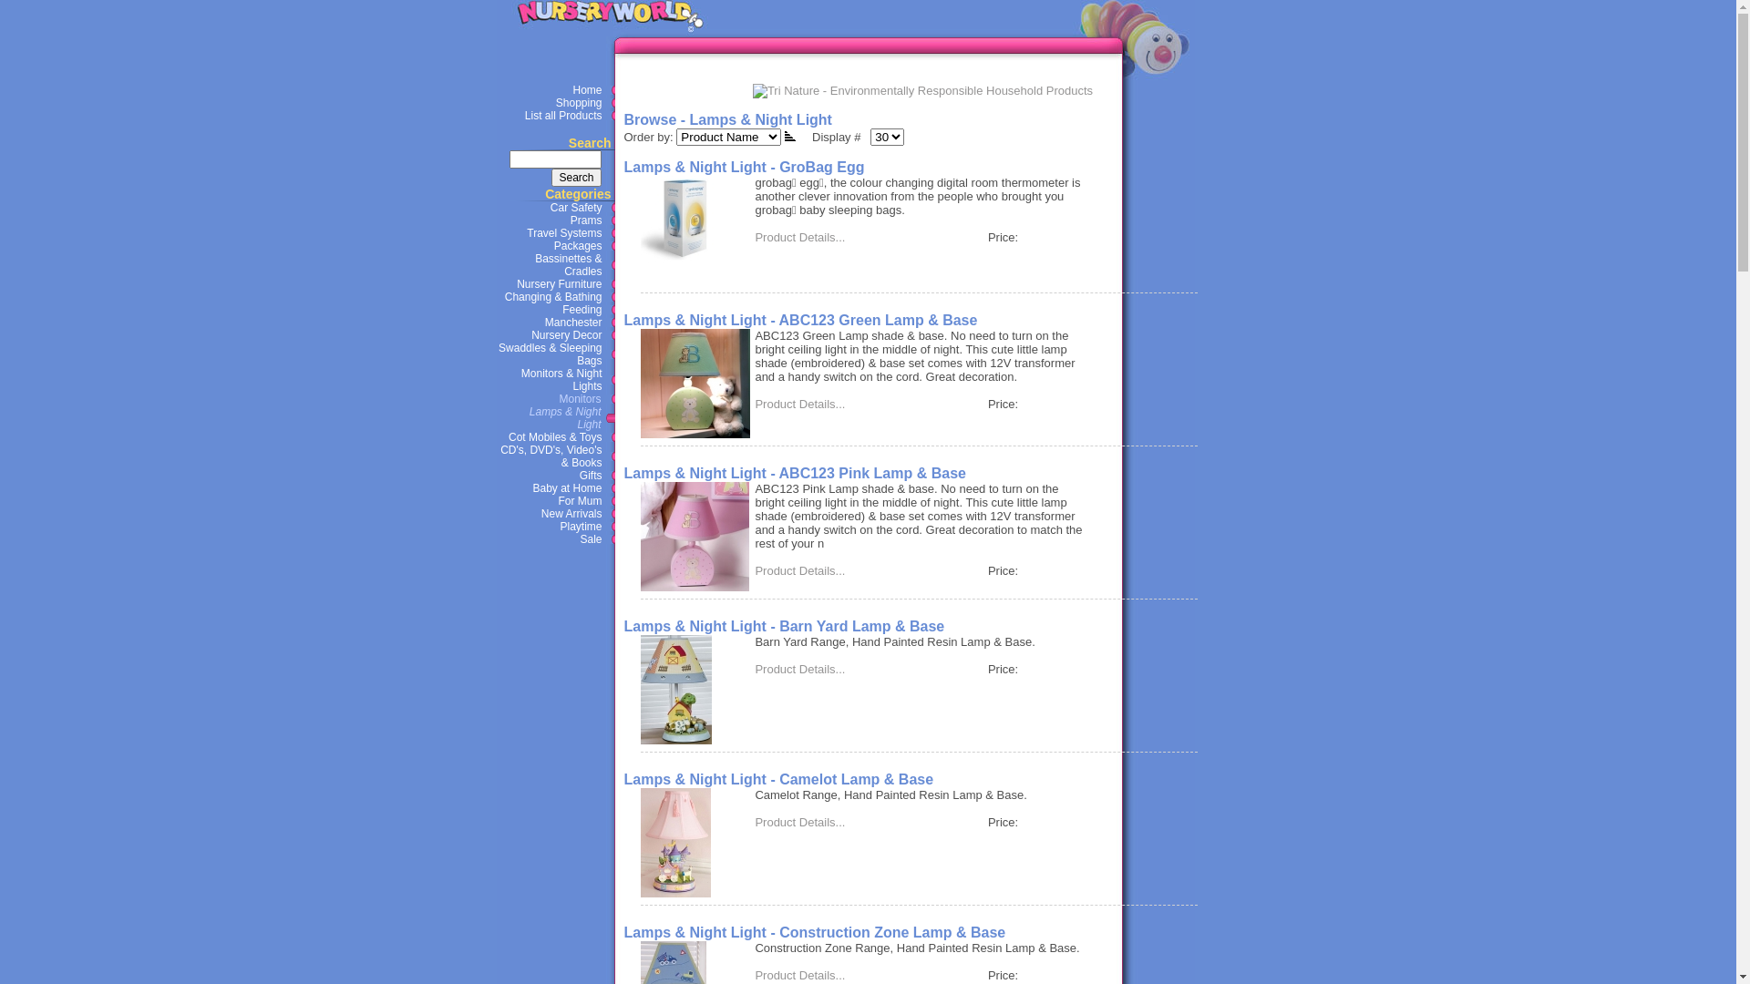 The height and width of the screenshot is (984, 1750). I want to click on 'Monitors & Night Lights', so click(554, 378).